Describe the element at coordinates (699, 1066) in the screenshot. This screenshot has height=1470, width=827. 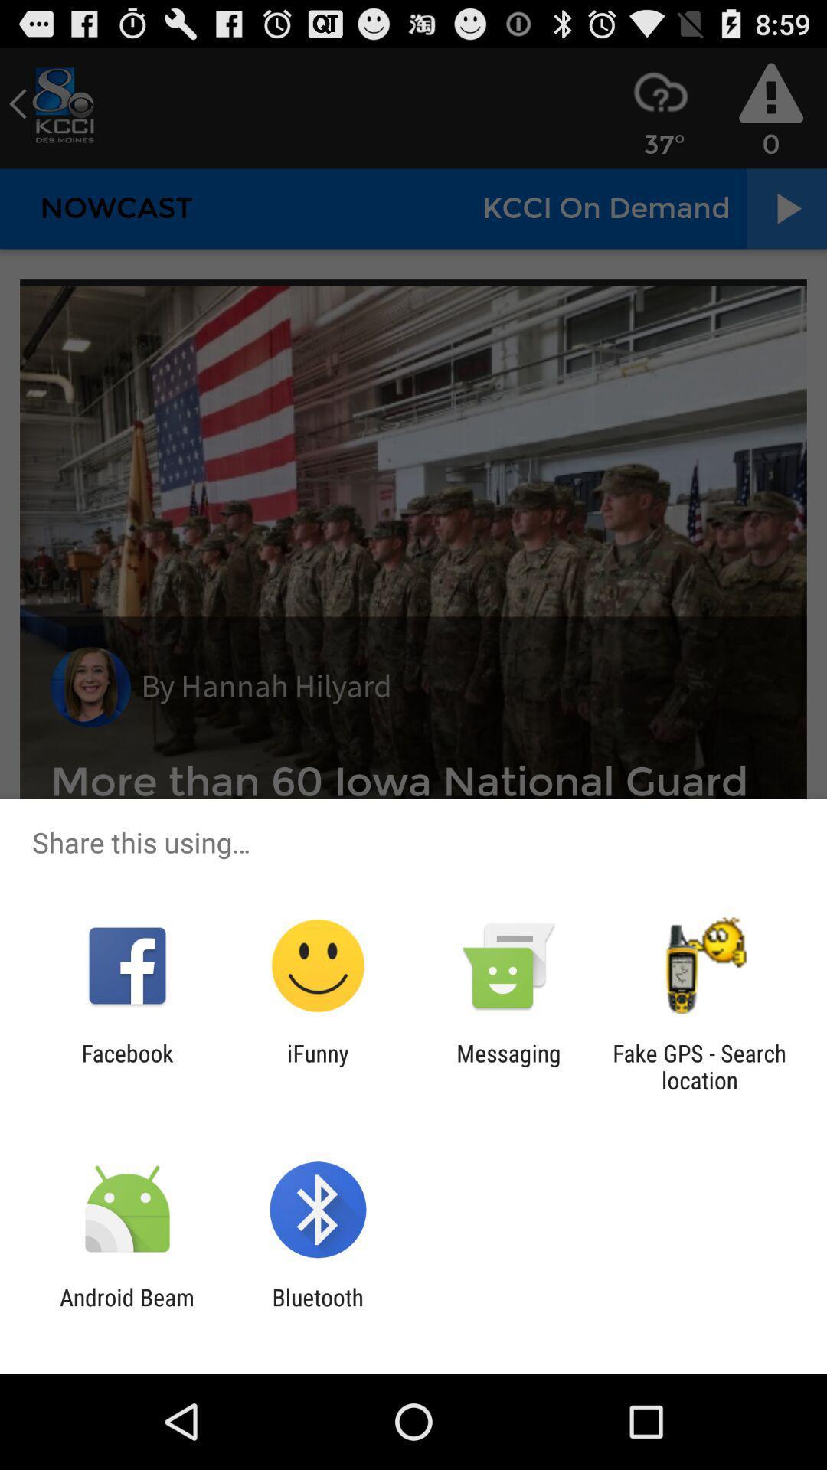
I see `the fake gps search item` at that location.